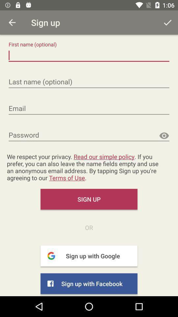  Describe the element at coordinates (89, 82) in the screenshot. I see `text field which is at 2nd line of the page` at that location.